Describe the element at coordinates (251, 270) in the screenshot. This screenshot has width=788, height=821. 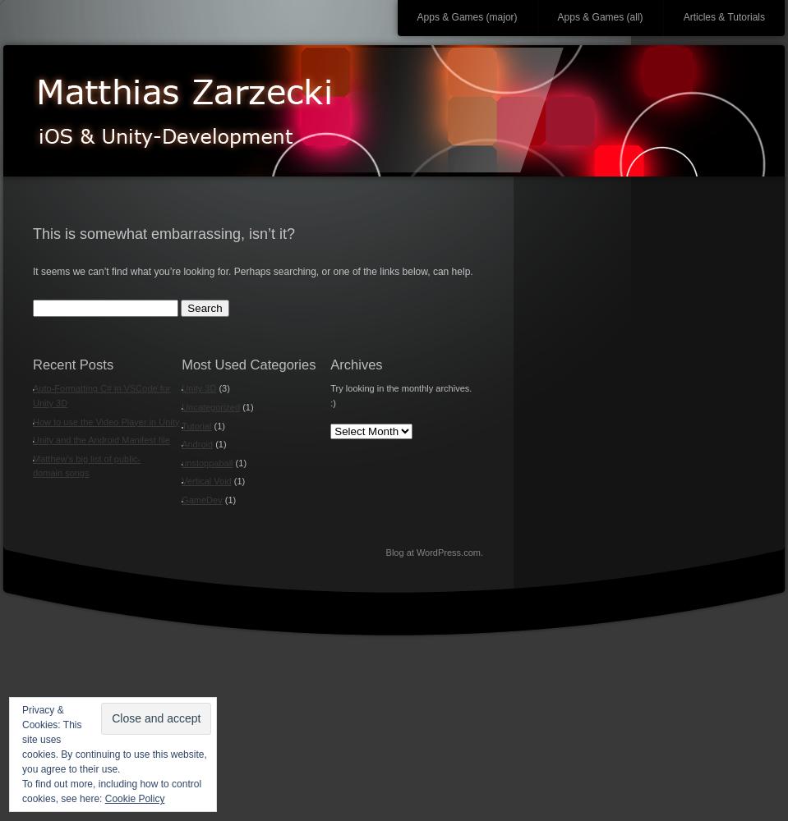
I see `'It seems we can’t find what you’re looking for. Perhaps searching, or one of the links below, can help.'` at that location.